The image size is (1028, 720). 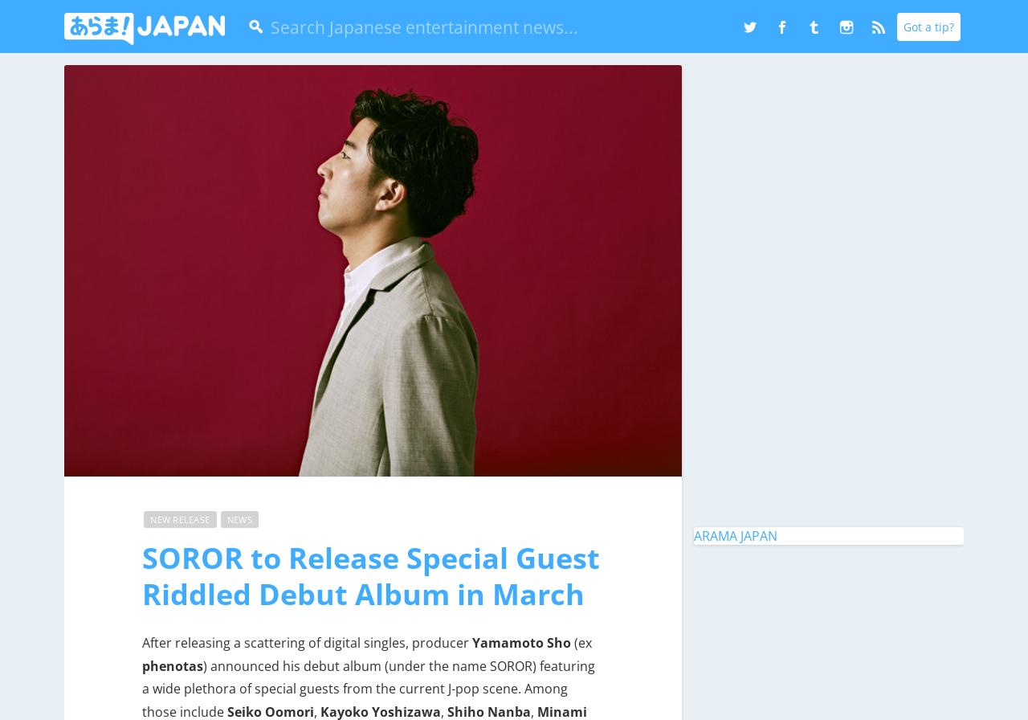 I want to click on 'RSS', so click(x=889, y=39).